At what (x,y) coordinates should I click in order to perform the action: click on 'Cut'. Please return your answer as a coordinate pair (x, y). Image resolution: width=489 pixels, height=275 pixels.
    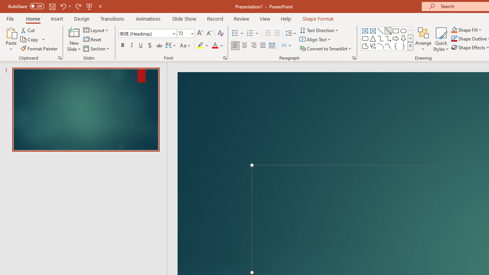
    Looking at the image, I should click on (28, 30).